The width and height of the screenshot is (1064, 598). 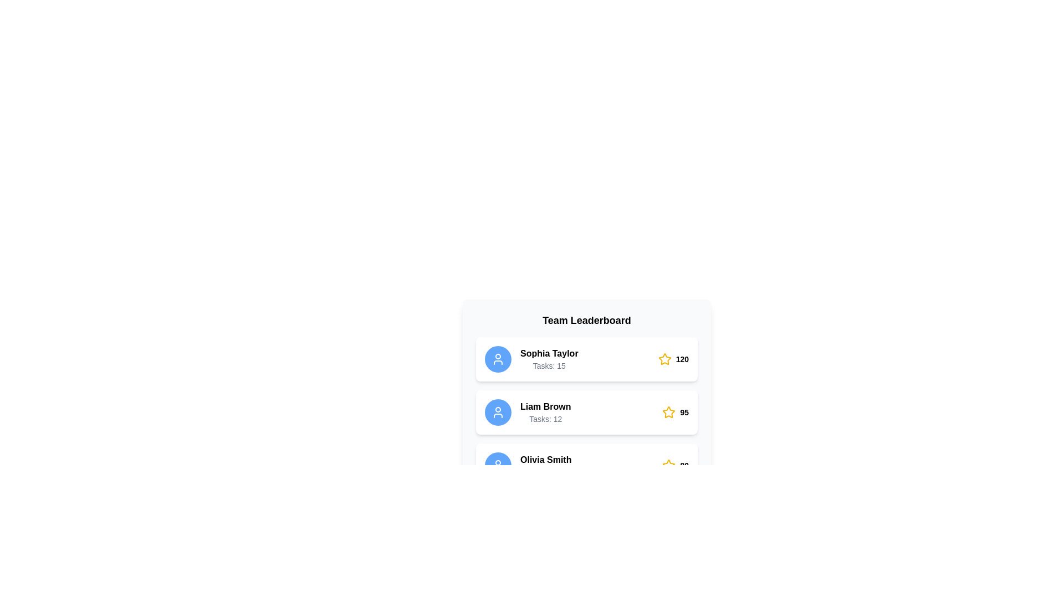 I want to click on the user profile icon represented by a white circular head and shoulders on the leaderboard for 'Sophia Taylor', so click(x=497, y=359).